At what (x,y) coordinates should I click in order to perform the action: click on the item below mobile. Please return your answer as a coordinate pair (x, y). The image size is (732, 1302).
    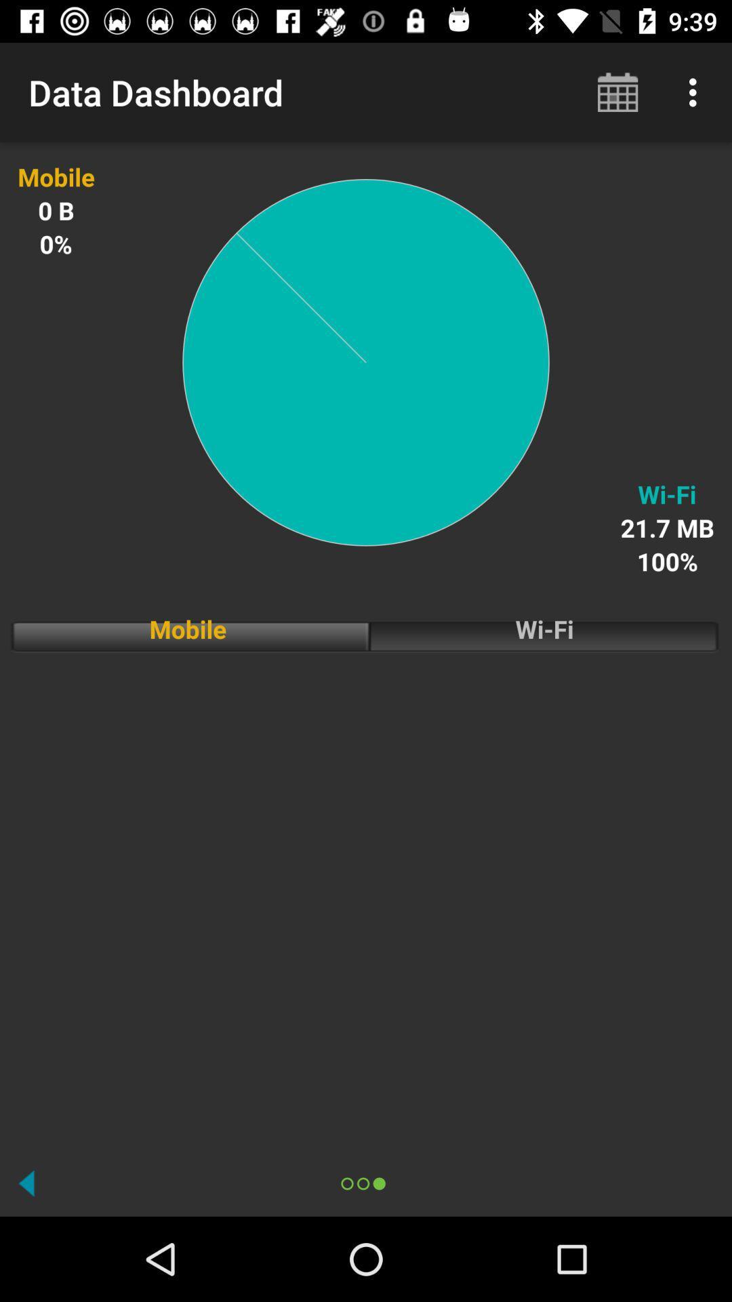
    Looking at the image, I should click on (366, 899).